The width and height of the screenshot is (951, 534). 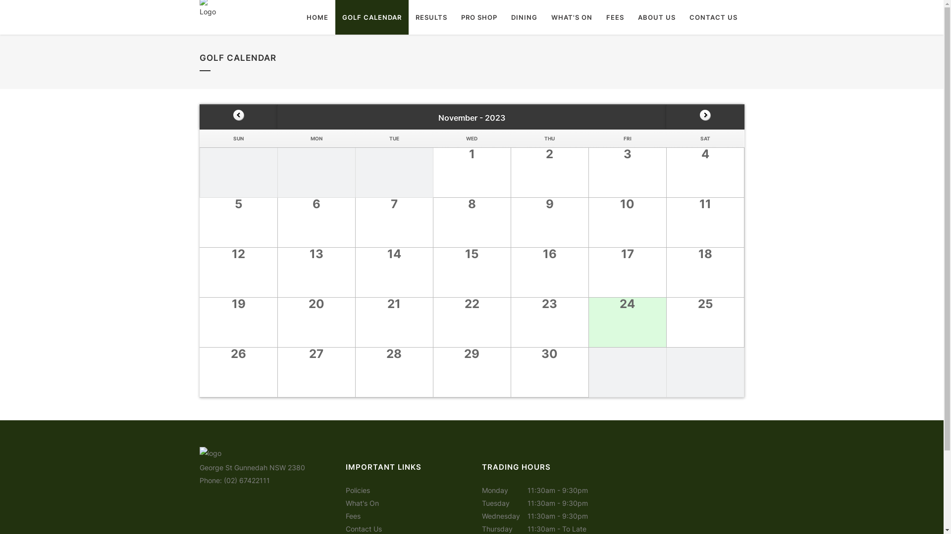 What do you see at coordinates (362, 503) in the screenshot?
I see `'What's On'` at bounding box center [362, 503].